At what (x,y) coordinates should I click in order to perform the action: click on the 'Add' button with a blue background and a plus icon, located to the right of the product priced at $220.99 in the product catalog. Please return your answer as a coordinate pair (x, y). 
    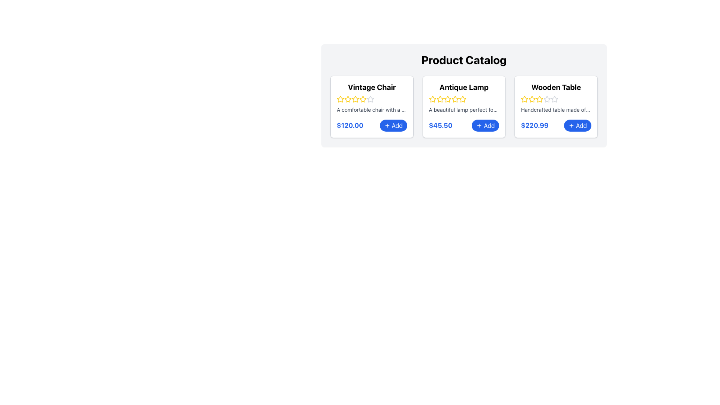
    Looking at the image, I should click on (577, 125).